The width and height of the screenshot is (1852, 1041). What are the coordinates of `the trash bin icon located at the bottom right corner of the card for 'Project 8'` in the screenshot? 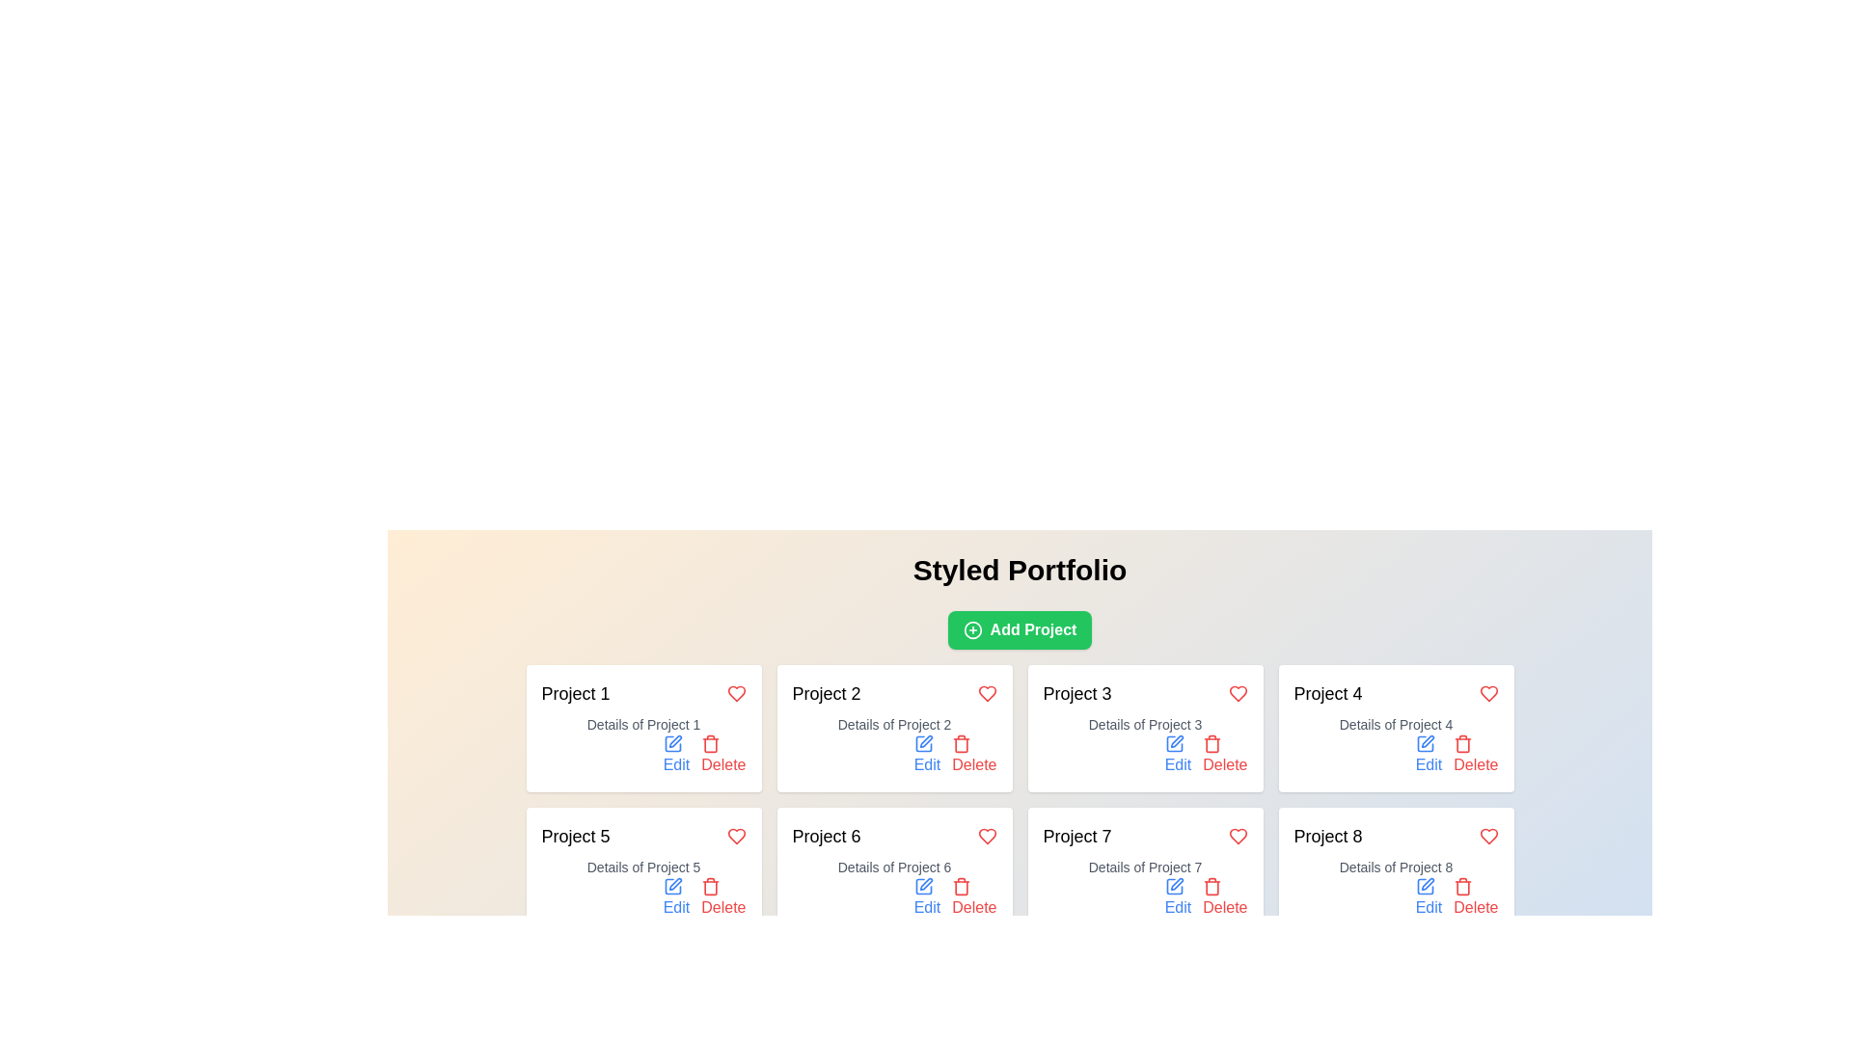 It's located at (1463, 888).